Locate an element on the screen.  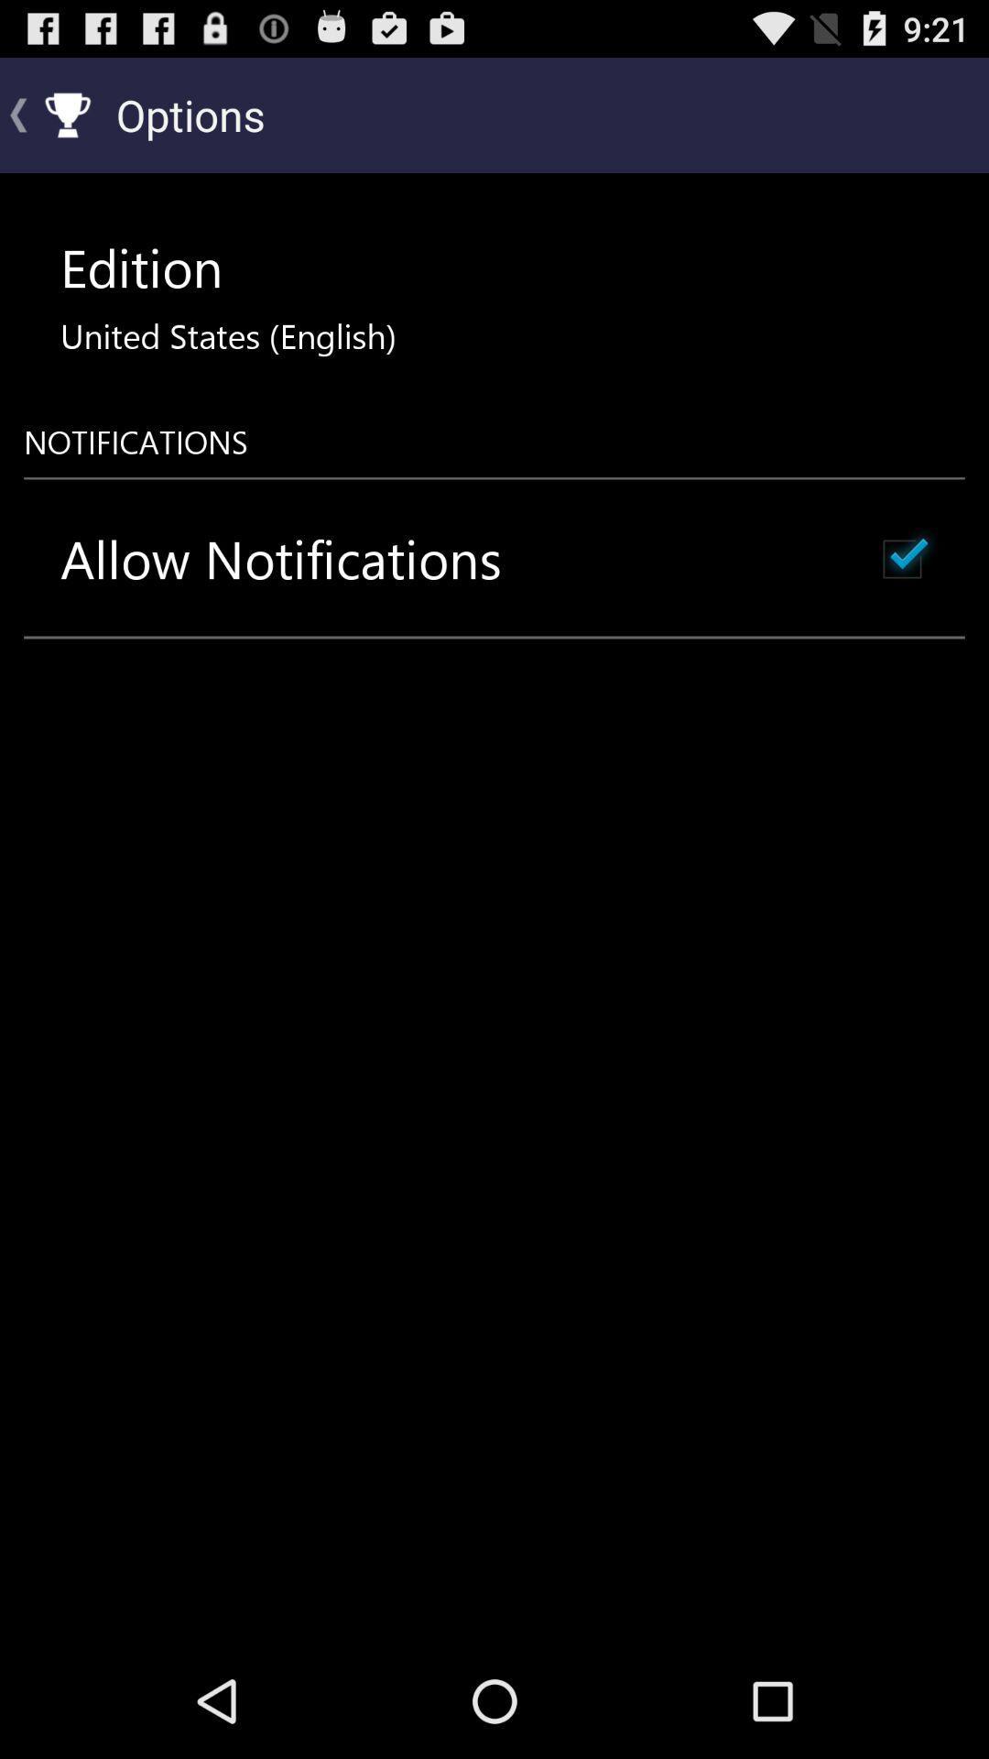
the allow notifications is located at coordinates (281, 558).